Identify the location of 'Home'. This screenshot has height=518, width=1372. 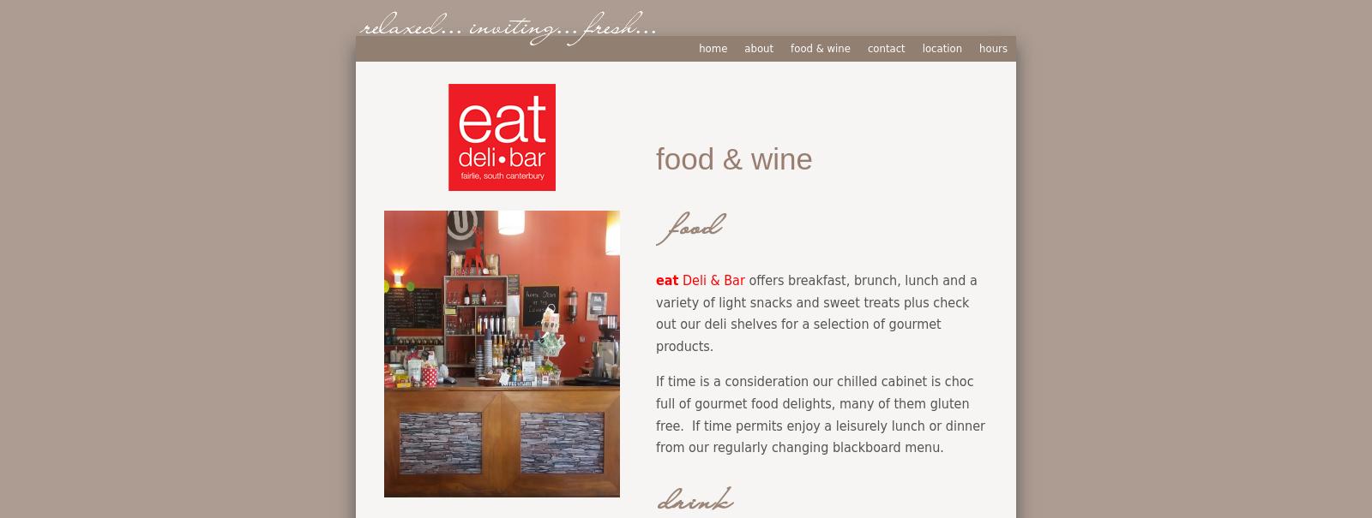
(712, 47).